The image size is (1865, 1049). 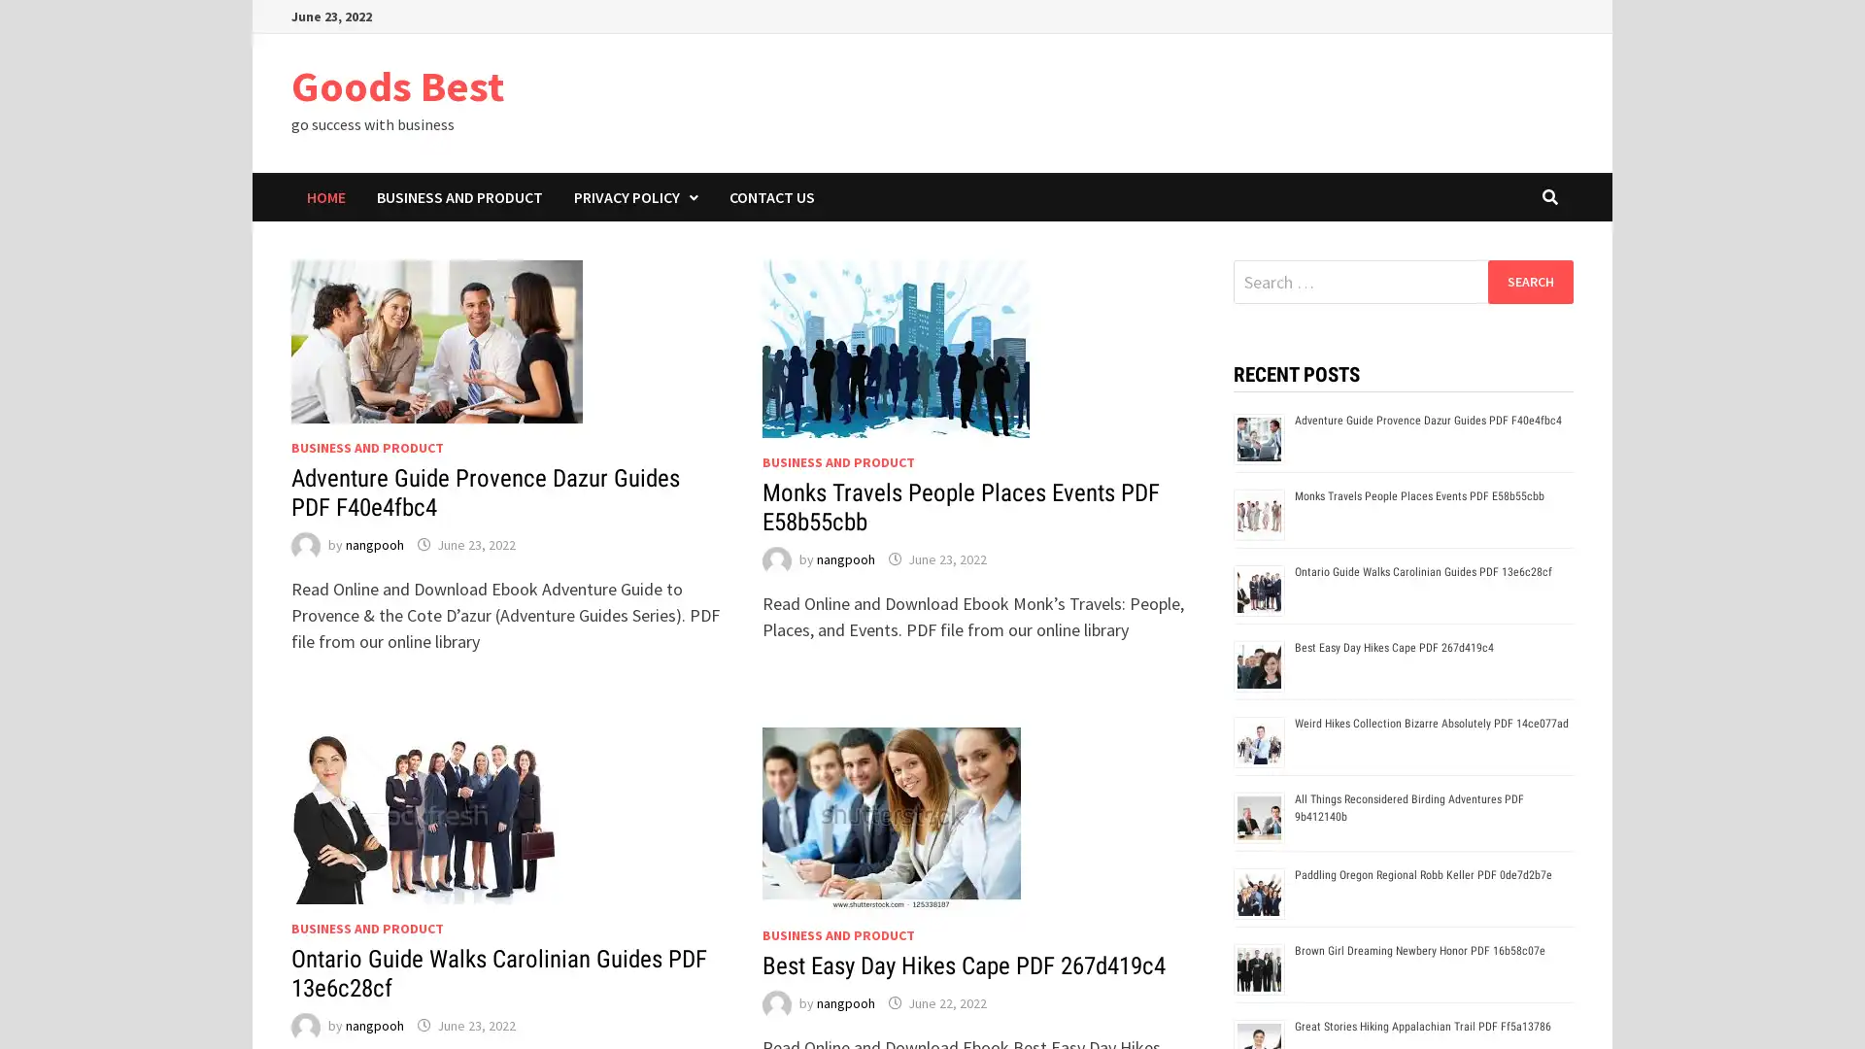 I want to click on Search, so click(x=1529, y=281).